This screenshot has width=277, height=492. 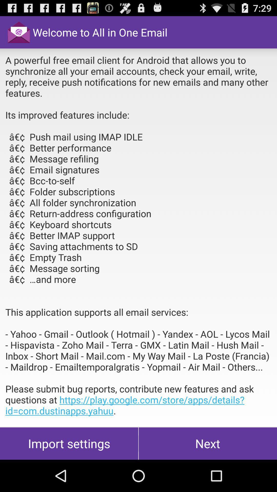 I want to click on next at the bottom right corner, so click(x=208, y=443).